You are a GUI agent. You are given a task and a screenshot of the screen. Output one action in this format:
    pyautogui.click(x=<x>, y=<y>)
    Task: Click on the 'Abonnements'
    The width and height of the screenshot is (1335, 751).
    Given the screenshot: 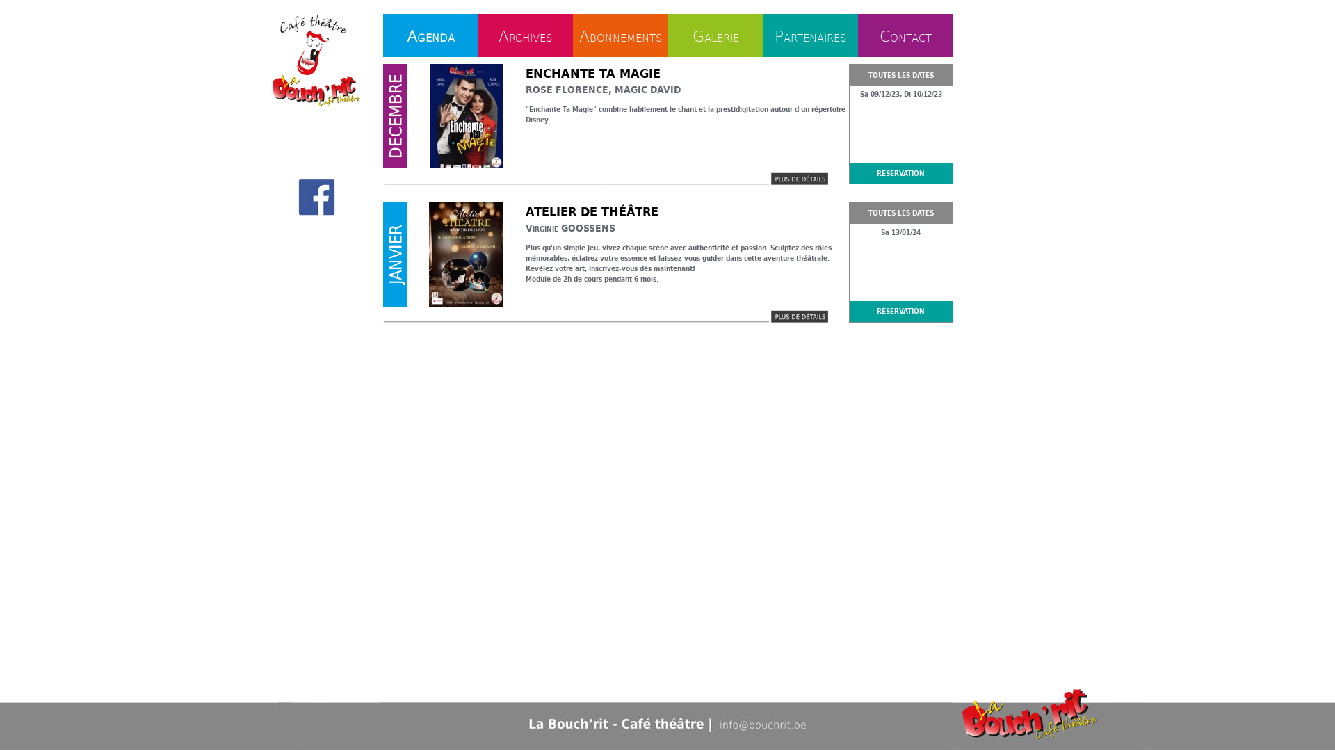 What is the action you would take?
    pyautogui.click(x=620, y=34)
    